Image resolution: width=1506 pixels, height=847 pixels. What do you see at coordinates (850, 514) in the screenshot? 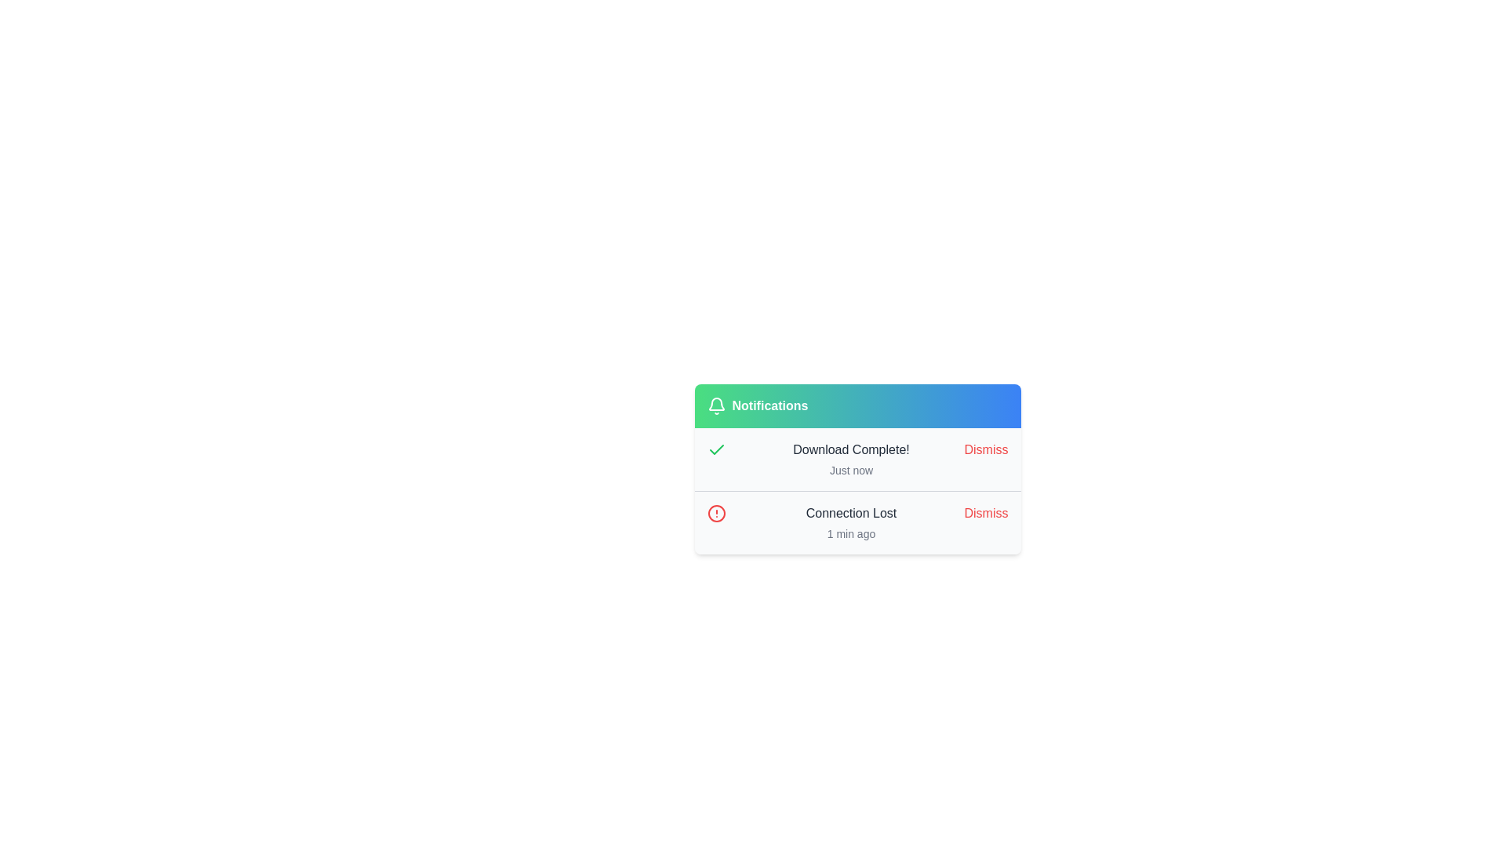
I see `the 'Connection Lost' static text label within the Notifications block, which notifies the user about a connectivity issue` at bounding box center [850, 514].